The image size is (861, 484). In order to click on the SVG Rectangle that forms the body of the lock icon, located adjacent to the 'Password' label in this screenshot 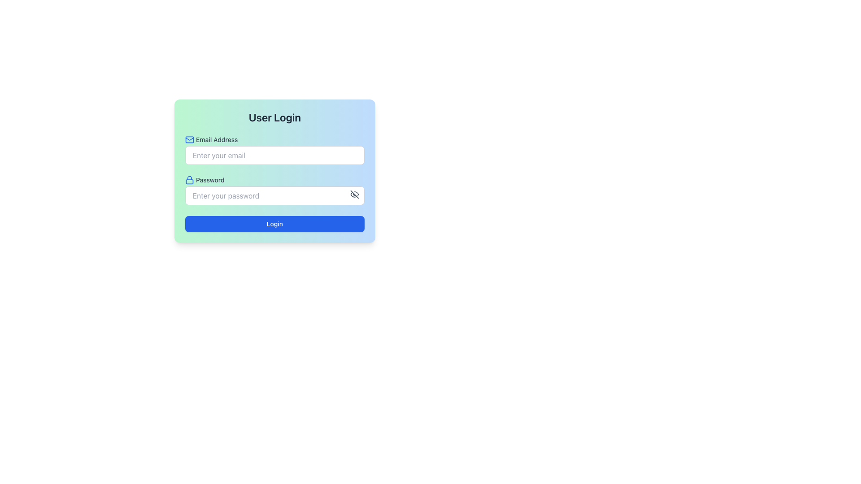, I will do `click(189, 181)`.